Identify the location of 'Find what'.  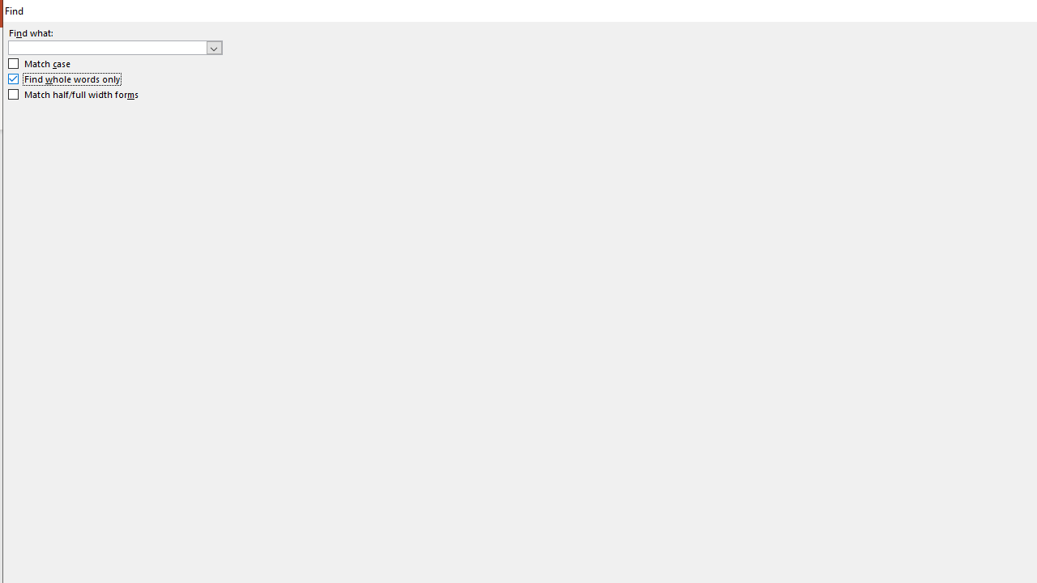
(107, 47).